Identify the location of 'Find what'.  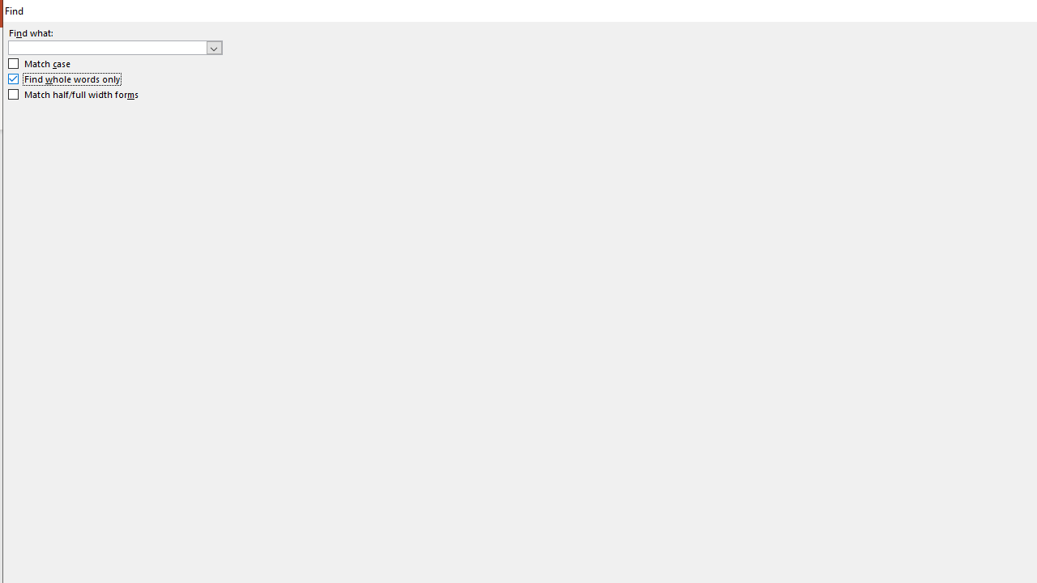
(107, 47).